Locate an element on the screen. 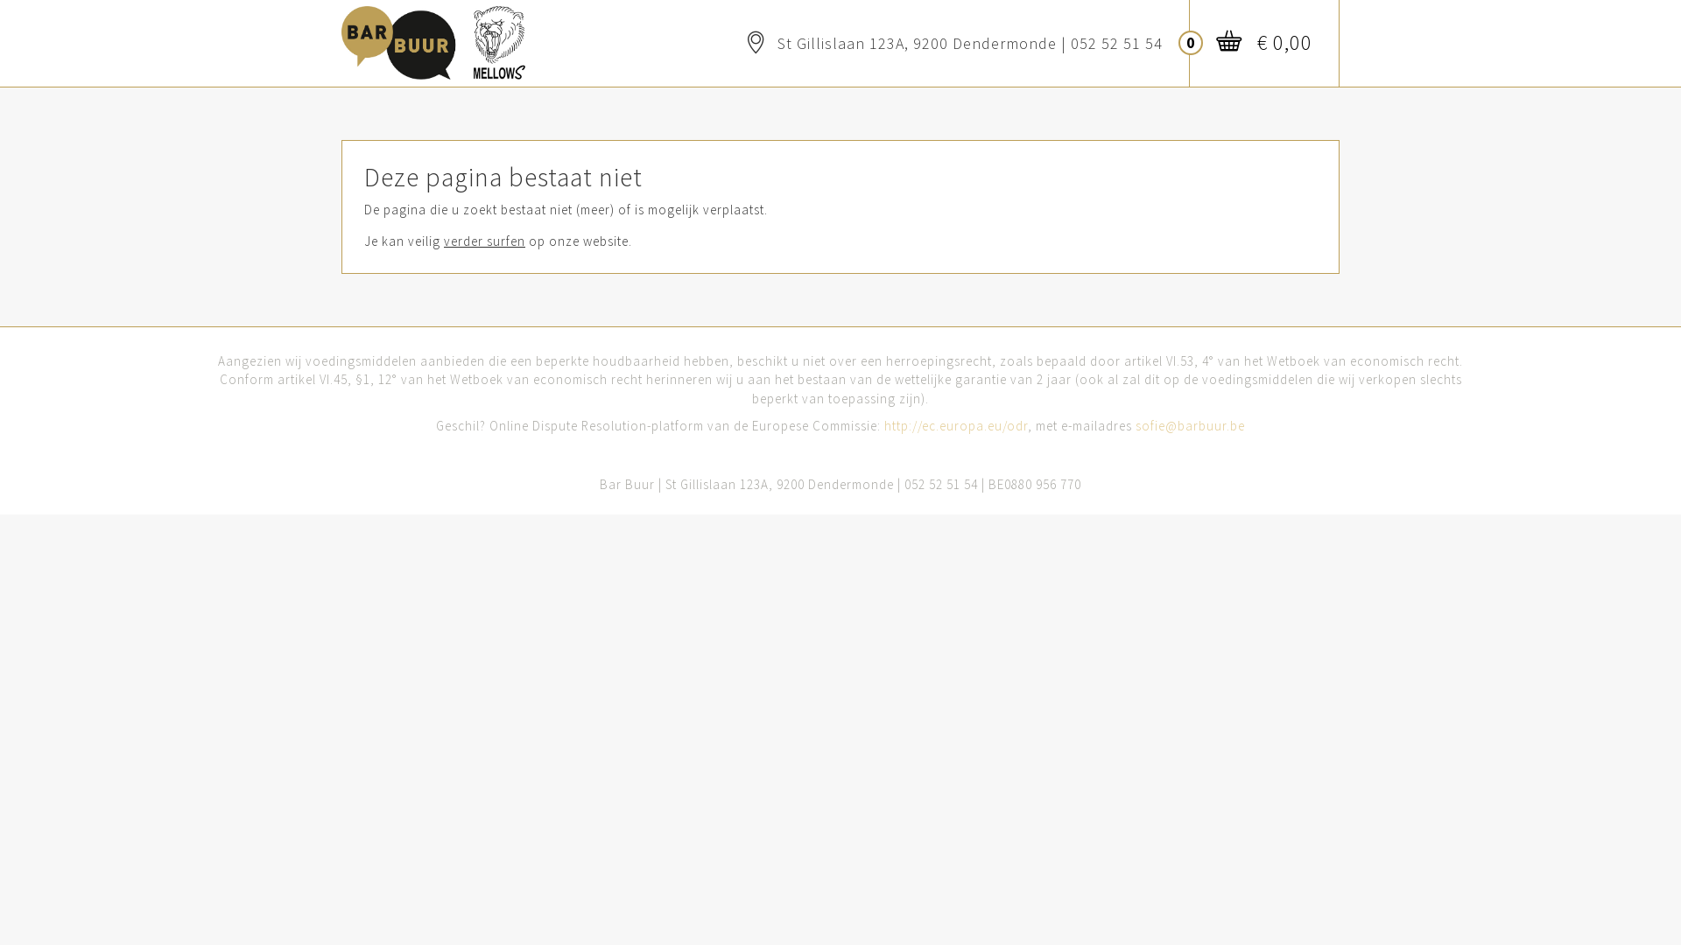 The image size is (1681, 945). 'sofie@barbuur.be' is located at coordinates (1190, 425).